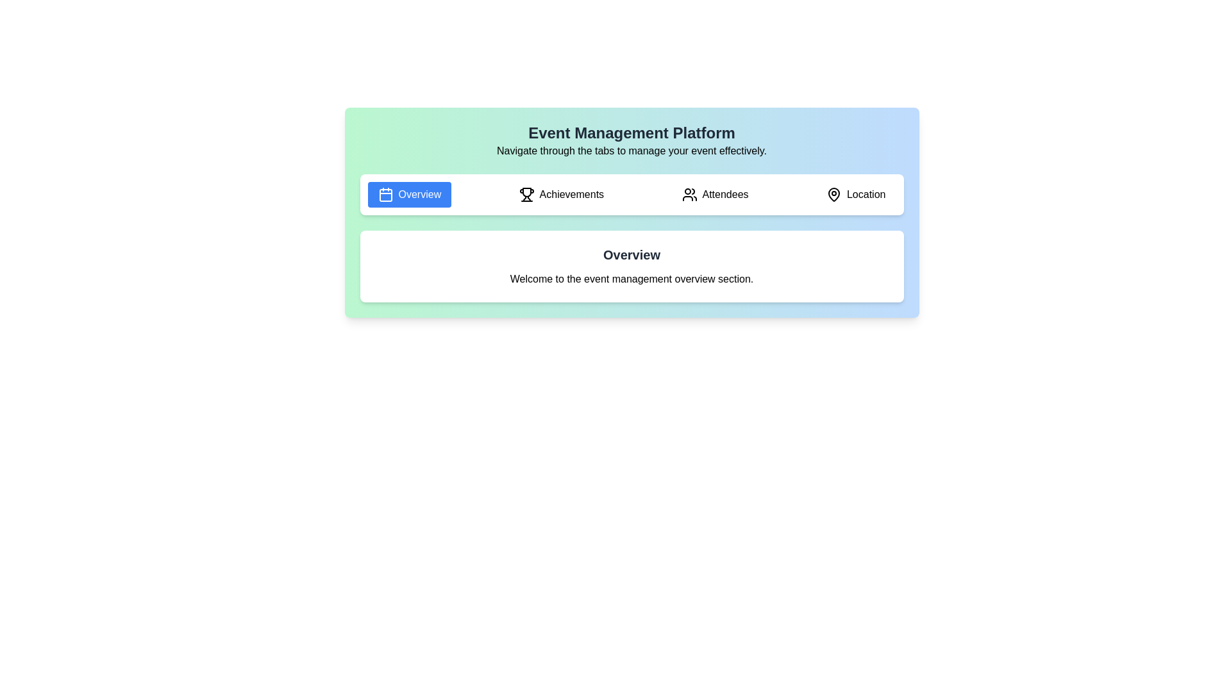  What do you see at coordinates (526, 195) in the screenshot?
I see `the achievements icon located in the second tab of the navigation bar, positioned to the immediate left of the 'Achievements' text label` at bounding box center [526, 195].